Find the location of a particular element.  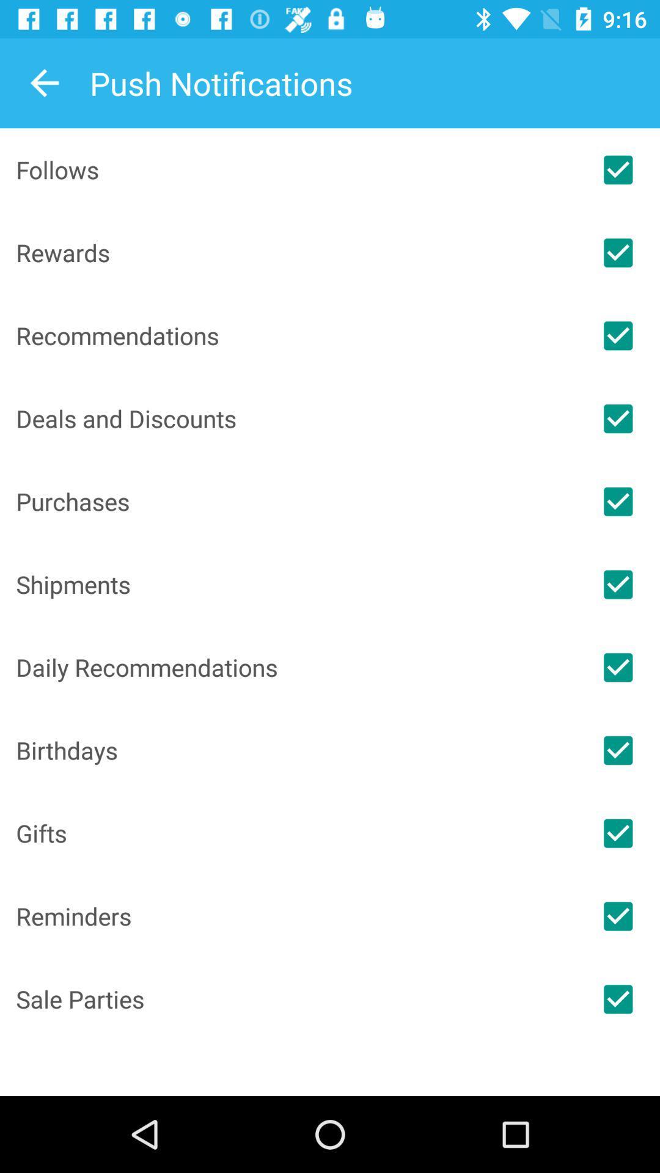

sale parties notifications is located at coordinates (618, 999).